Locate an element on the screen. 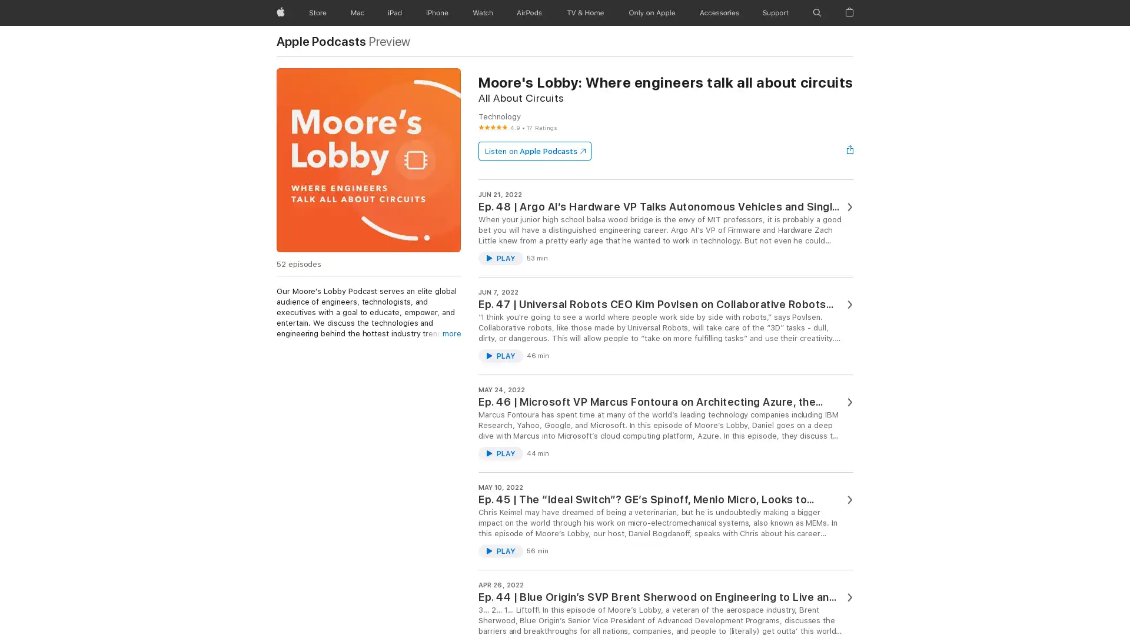 The image size is (1130, 635). Listen on Apple Podcasts is located at coordinates (534, 151).